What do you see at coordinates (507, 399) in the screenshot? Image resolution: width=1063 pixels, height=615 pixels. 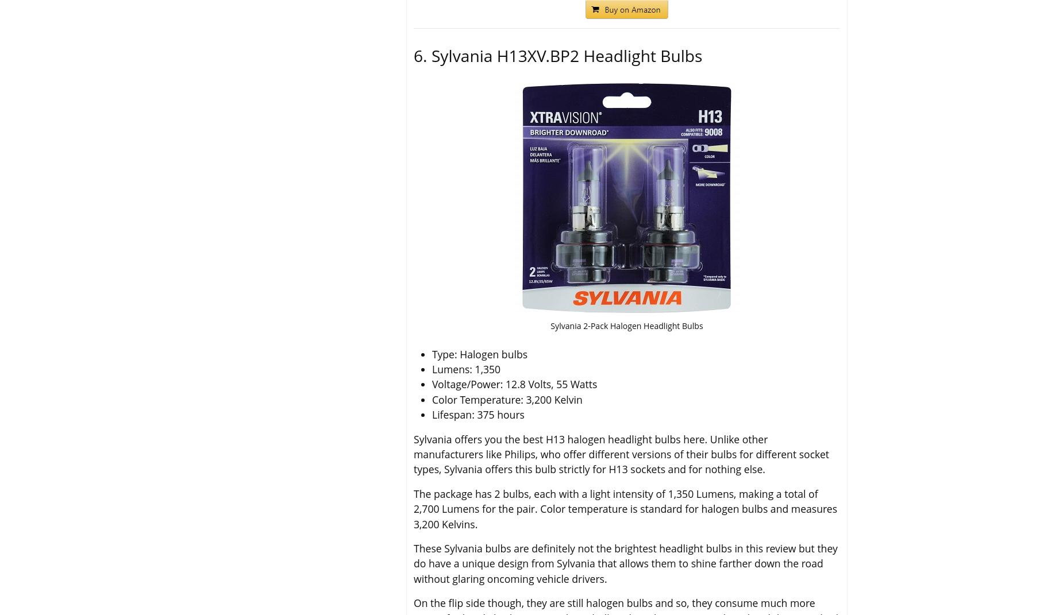 I see `'Color Temperature: 3,200 Kelvin'` at bounding box center [507, 399].